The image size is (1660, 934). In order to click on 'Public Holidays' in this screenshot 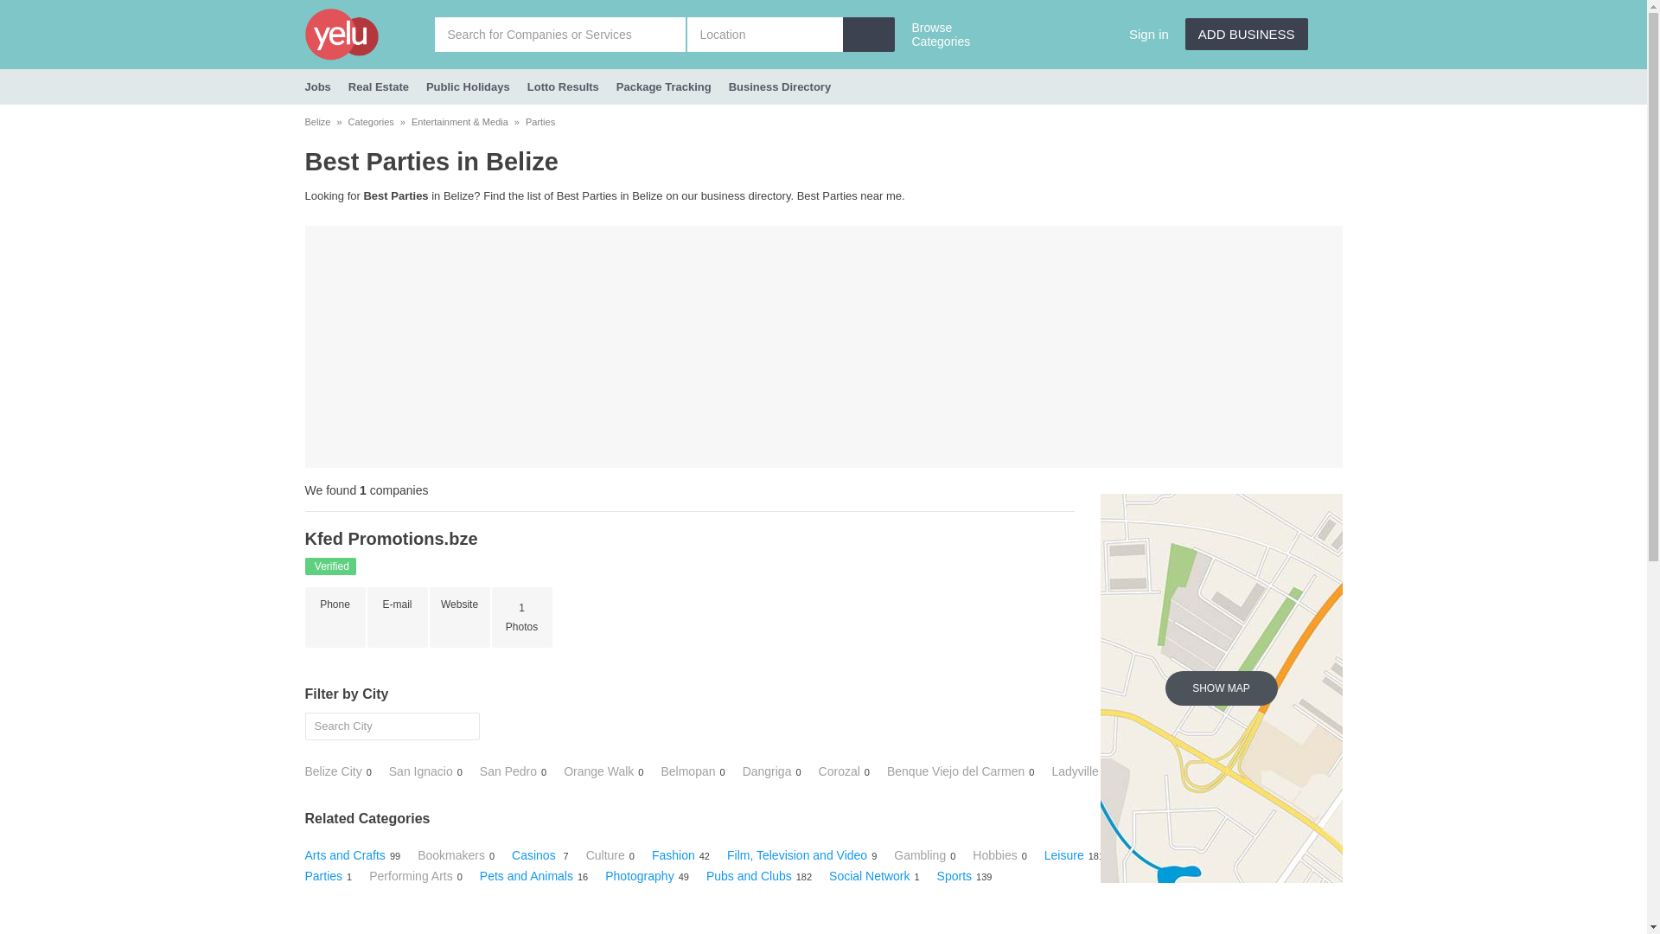, I will do `click(468, 86)`.